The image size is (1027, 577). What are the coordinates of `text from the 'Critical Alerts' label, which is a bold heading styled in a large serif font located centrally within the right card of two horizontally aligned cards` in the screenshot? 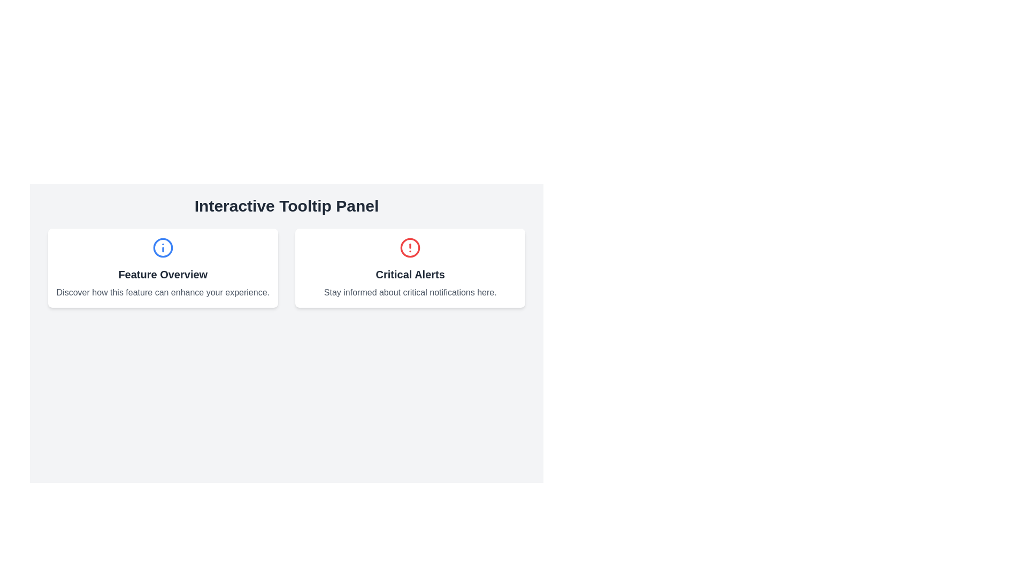 It's located at (410, 274).